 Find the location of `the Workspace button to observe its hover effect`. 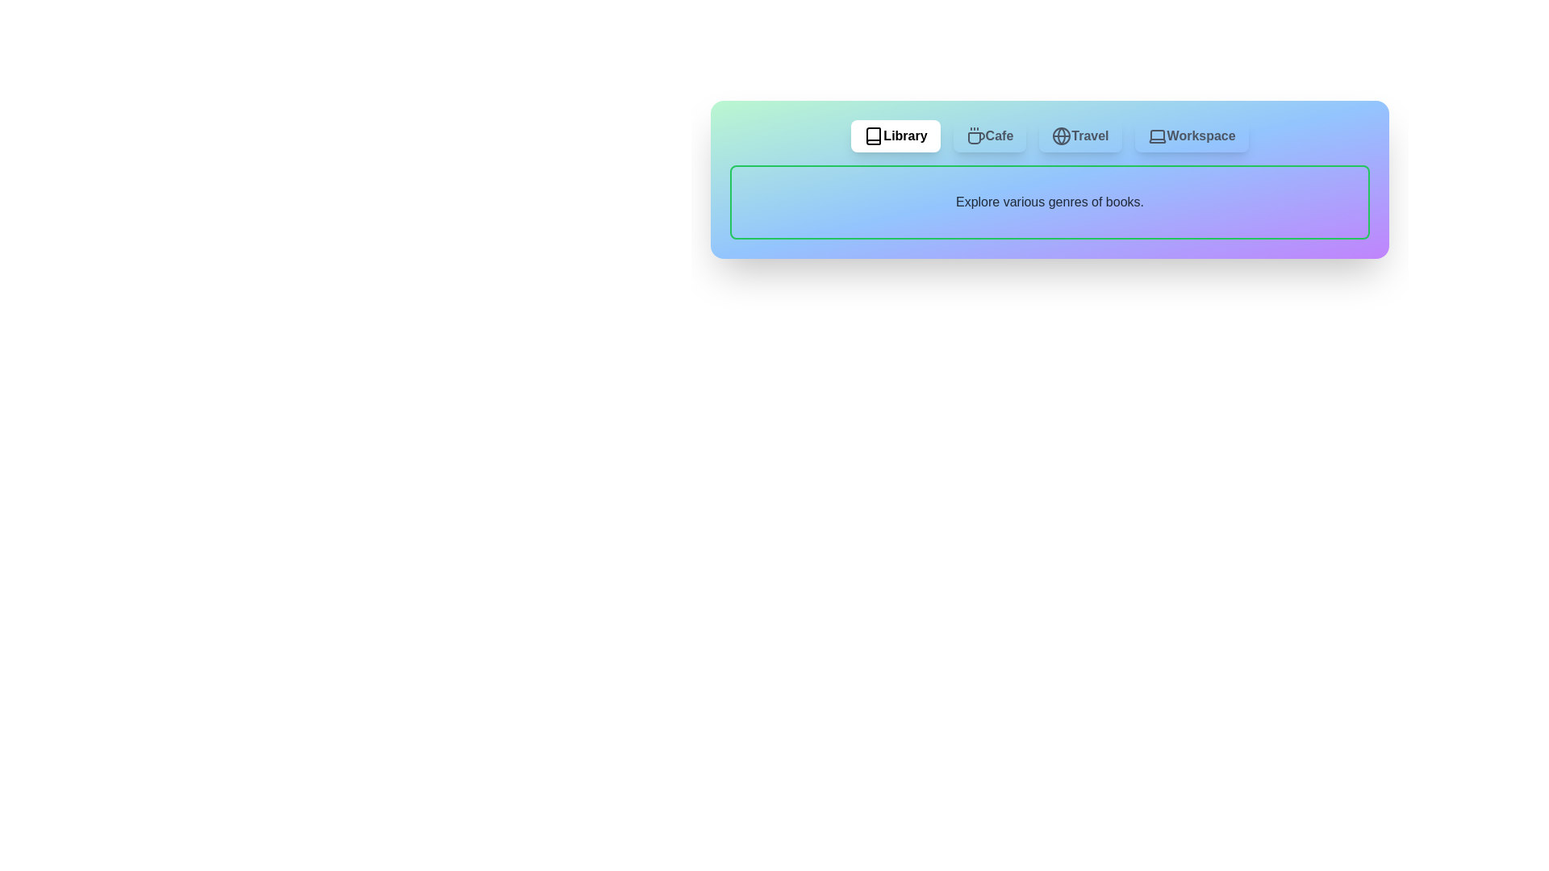

the Workspace button to observe its hover effect is located at coordinates (1192, 135).